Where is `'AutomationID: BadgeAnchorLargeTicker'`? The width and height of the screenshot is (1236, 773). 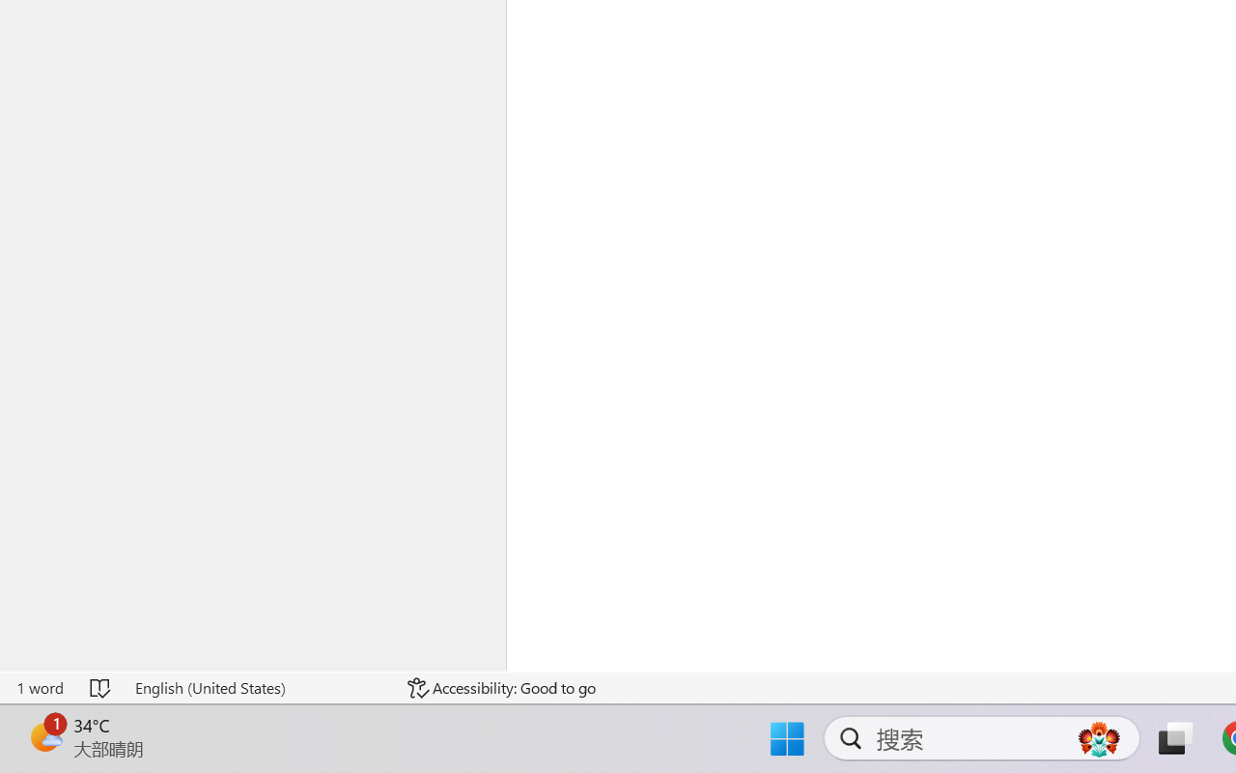 'AutomationID: BadgeAnchorLargeTicker' is located at coordinates (44, 736).